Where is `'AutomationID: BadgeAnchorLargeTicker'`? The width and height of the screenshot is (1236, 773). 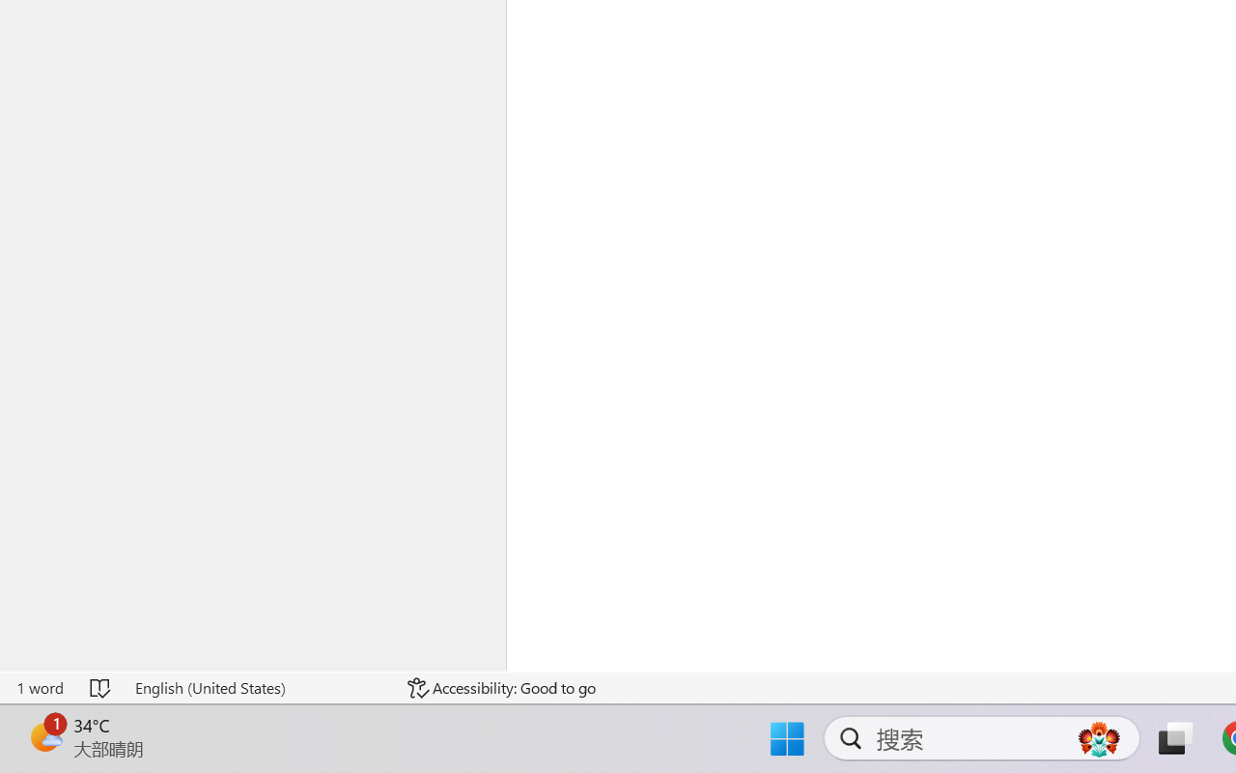 'AutomationID: BadgeAnchorLargeTicker' is located at coordinates (44, 736).